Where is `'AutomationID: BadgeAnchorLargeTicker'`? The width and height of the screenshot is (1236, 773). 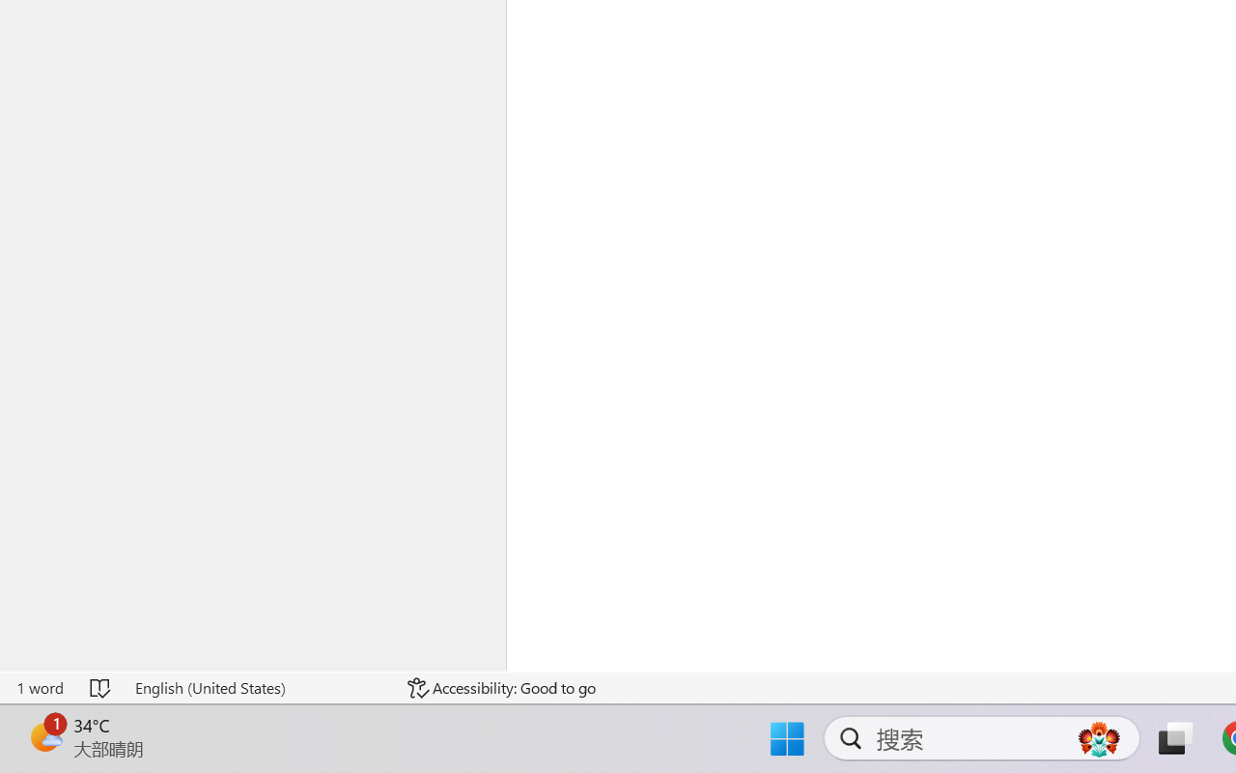 'AutomationID: BadgeAnchorLargeTicker' is located at coordinates (44, 736).